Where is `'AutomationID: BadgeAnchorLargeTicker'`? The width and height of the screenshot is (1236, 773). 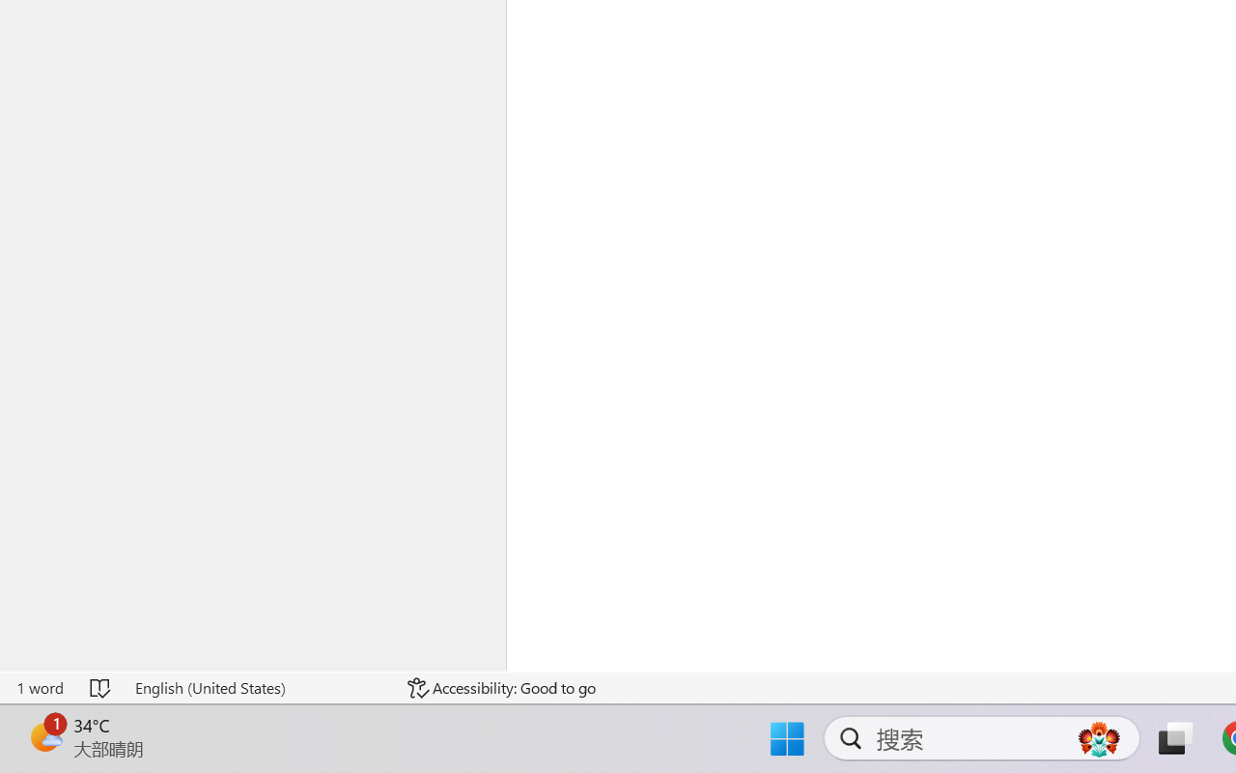 'AutomationID: BadgeAnchorLargeTicker' is located at coordinates (44, 736).